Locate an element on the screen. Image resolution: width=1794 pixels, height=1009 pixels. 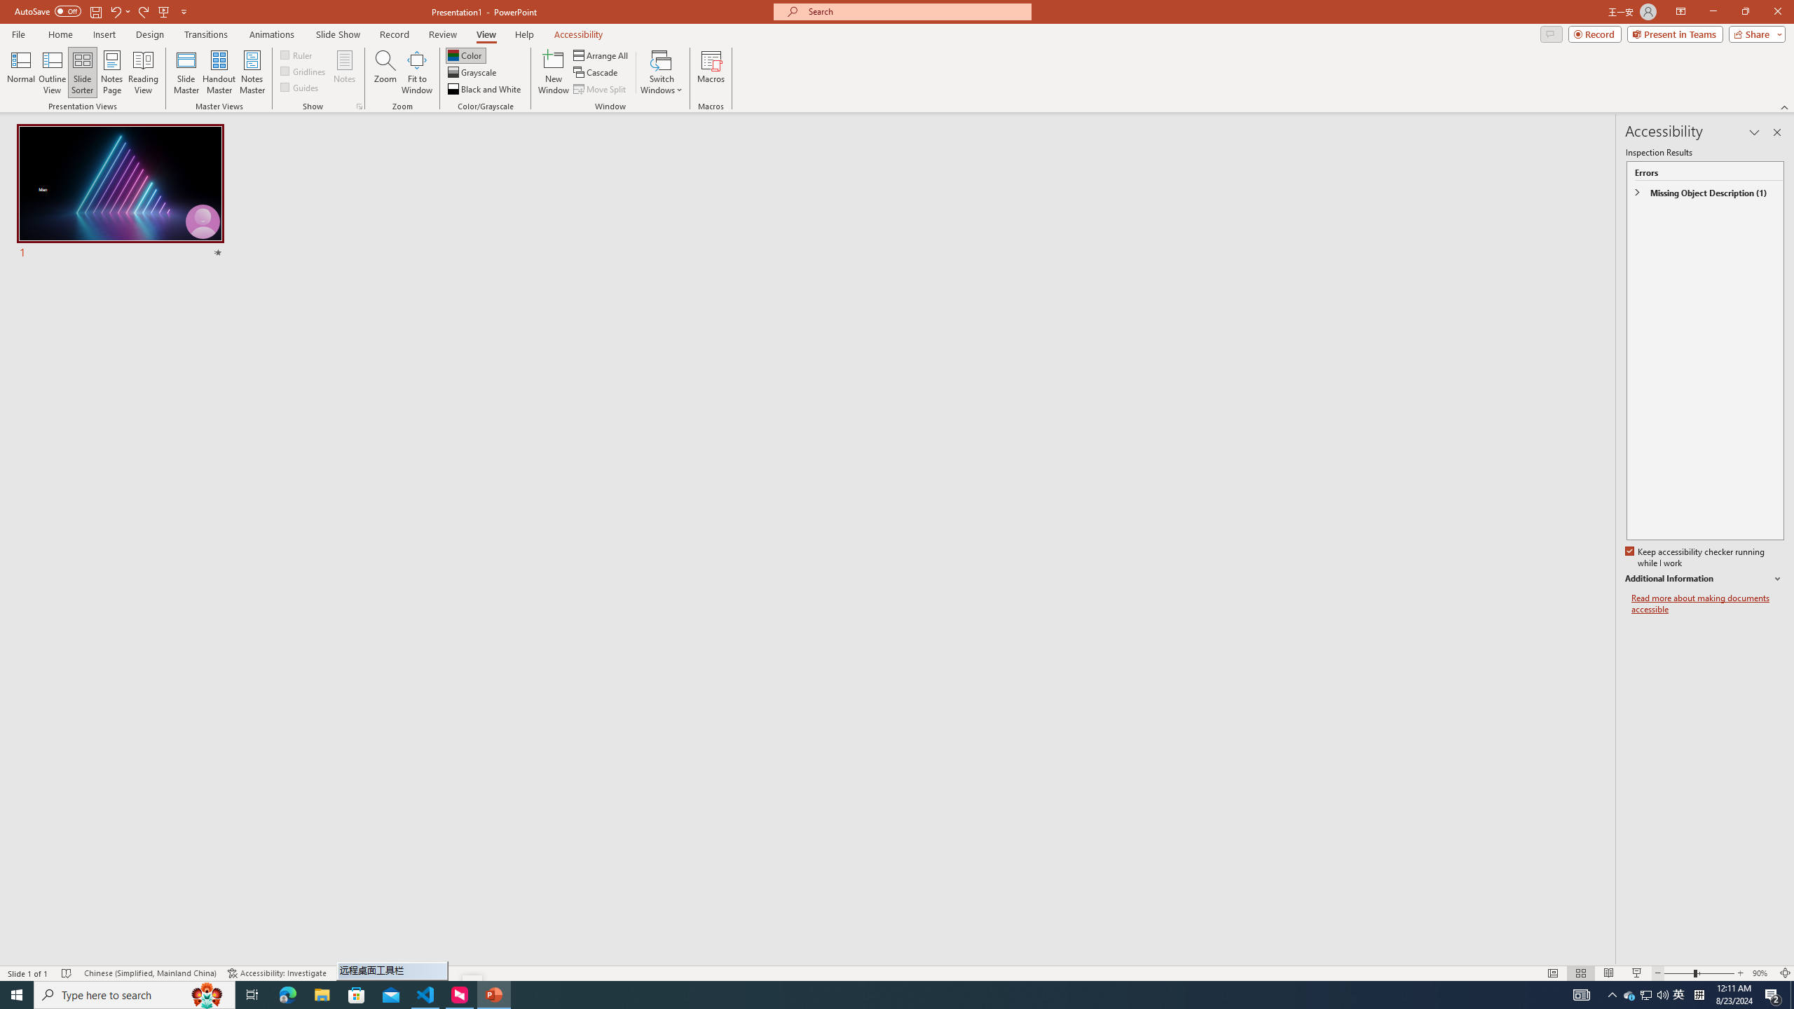
'Grid Settings...' is located at coordinates (360, 105).